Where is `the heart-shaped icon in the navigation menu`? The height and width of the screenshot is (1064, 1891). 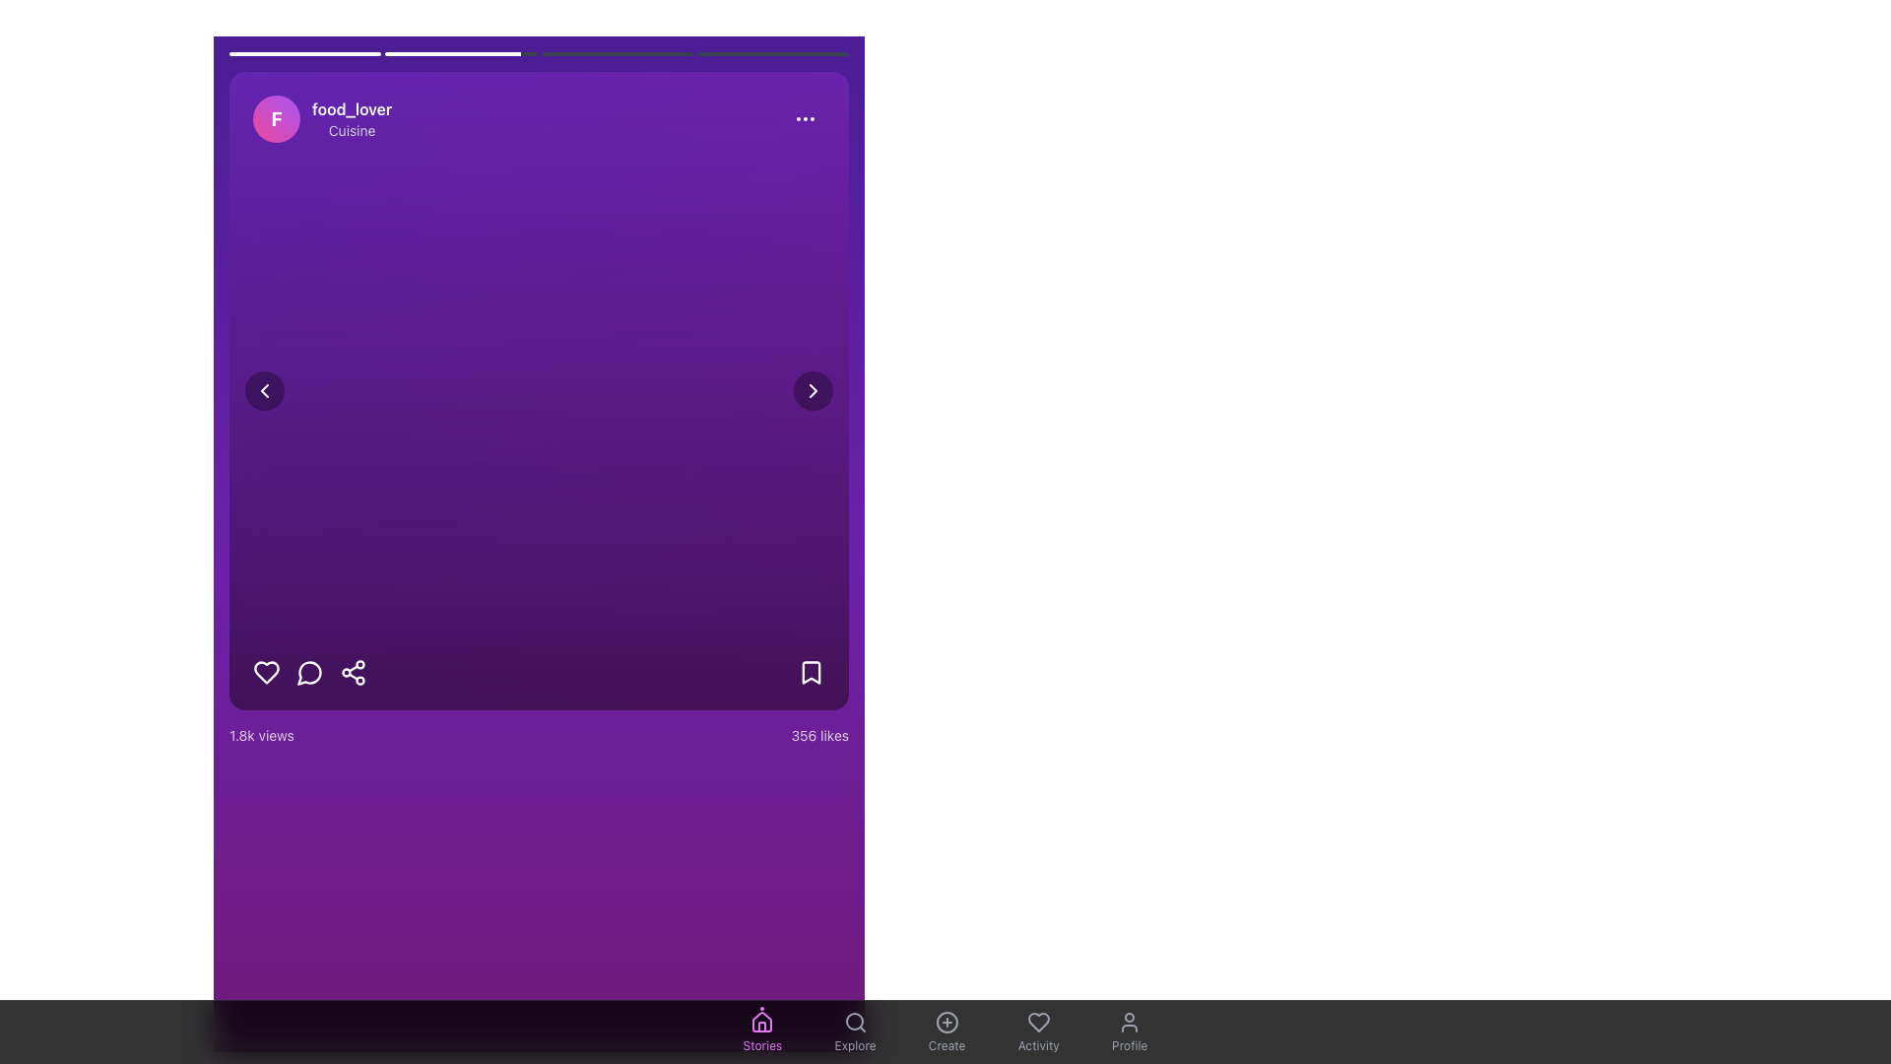
the heart-shaped icon in the navigation menu is located at coordinates (1037, 1021).